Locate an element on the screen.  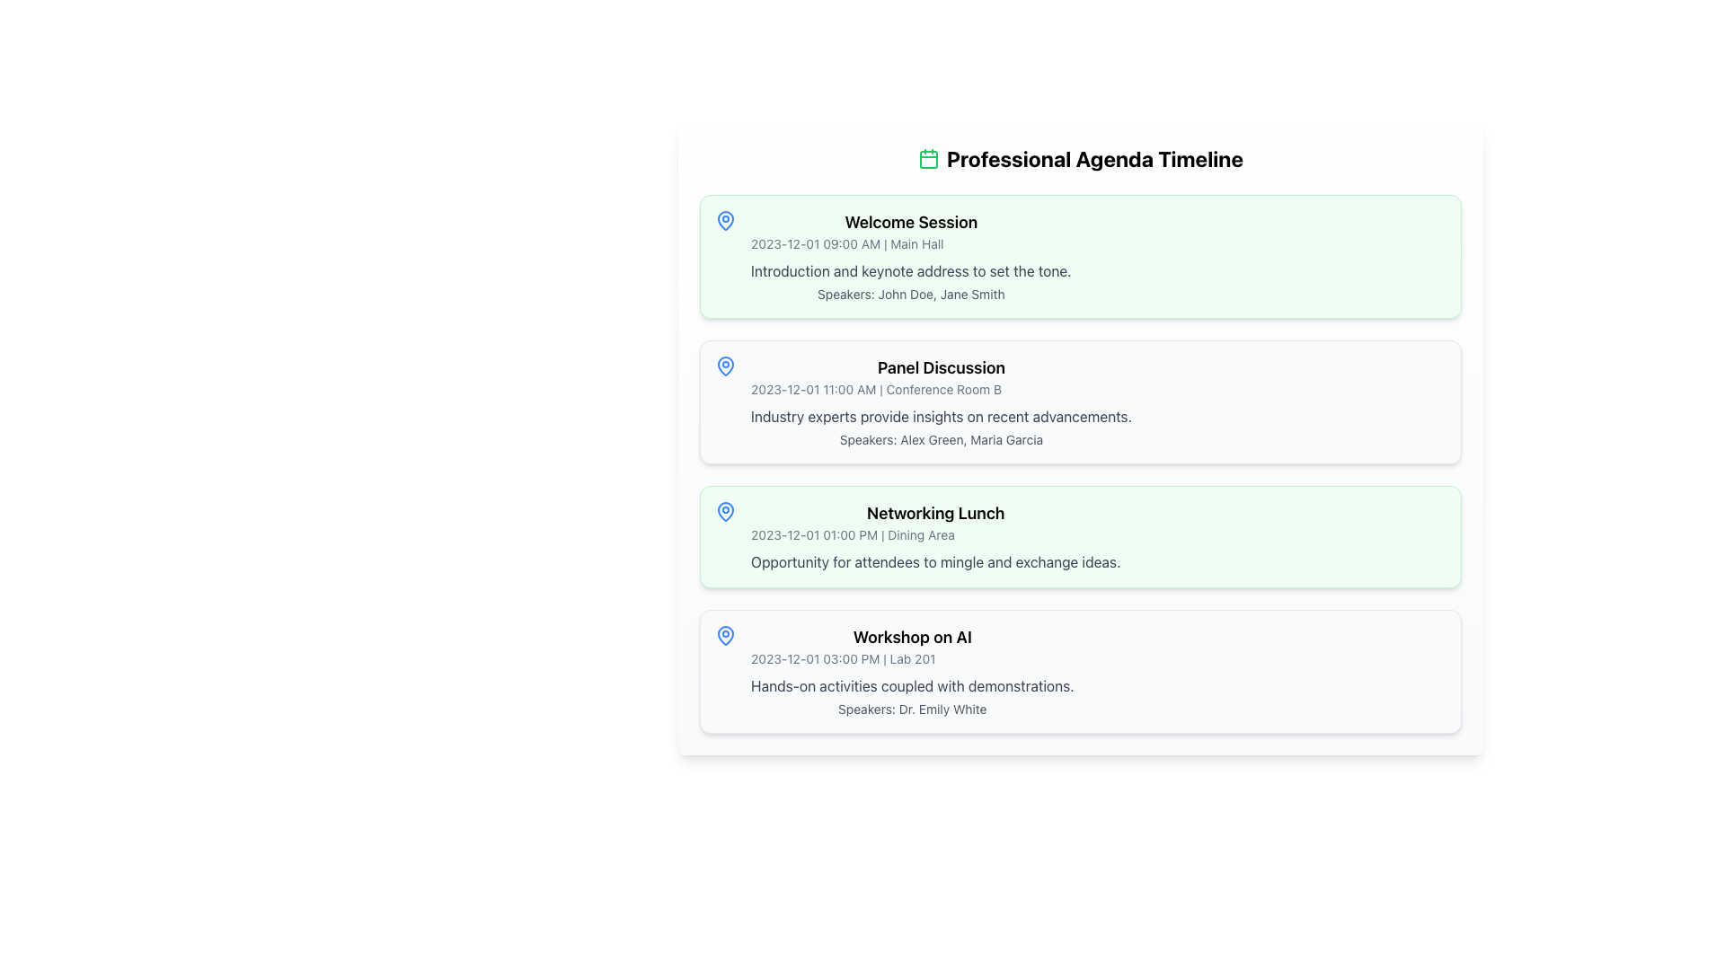
the Text Display element that provides a description of the 'Welcome Session', located below the title and above the speakers' names is located at coordinates (911, 270).